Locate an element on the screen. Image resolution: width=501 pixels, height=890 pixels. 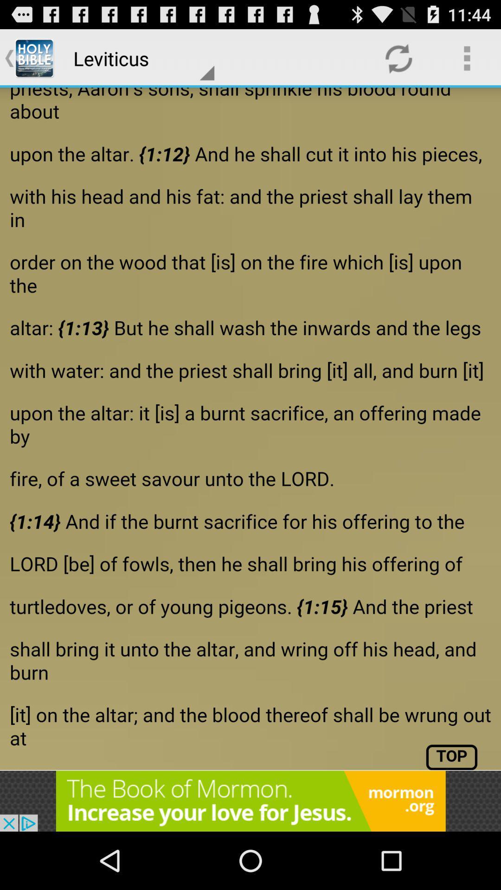
file is located at coordinates (250, 428).